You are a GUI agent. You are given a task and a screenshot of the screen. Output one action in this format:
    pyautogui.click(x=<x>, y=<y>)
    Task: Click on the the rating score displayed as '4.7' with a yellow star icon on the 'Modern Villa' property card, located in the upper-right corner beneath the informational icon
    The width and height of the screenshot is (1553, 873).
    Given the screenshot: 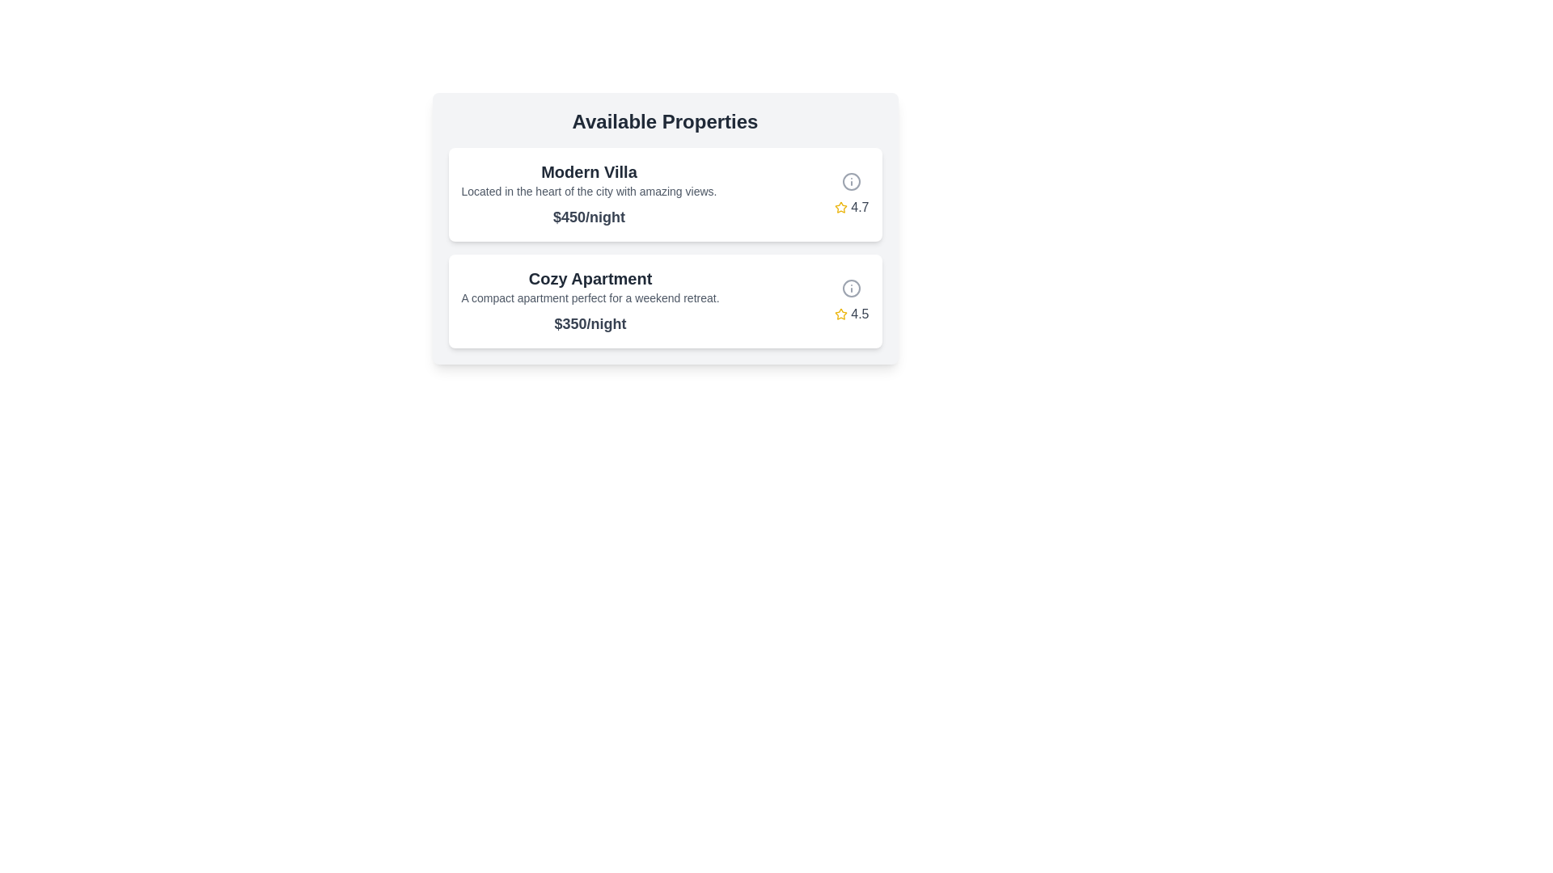 What is the action you would take?
    pyautogui.click(x=851, y=193)
    